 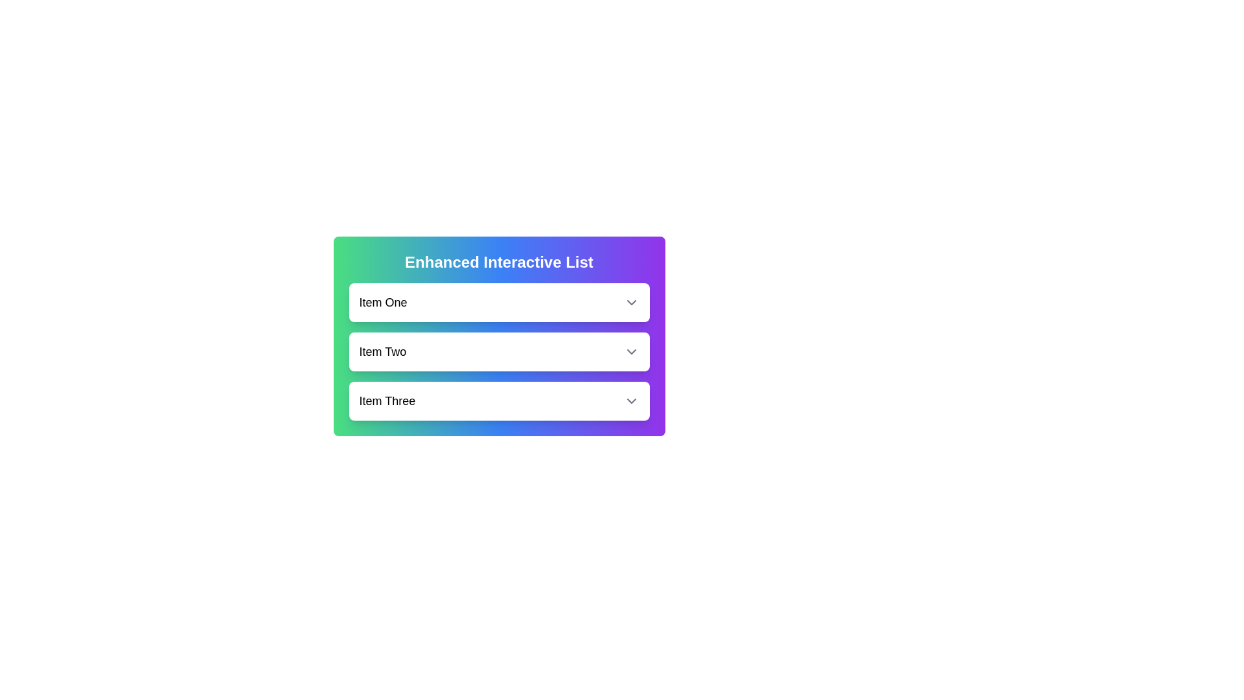 I want to click on the second selectable list item in the vertical list, so click(x=498, y=352).